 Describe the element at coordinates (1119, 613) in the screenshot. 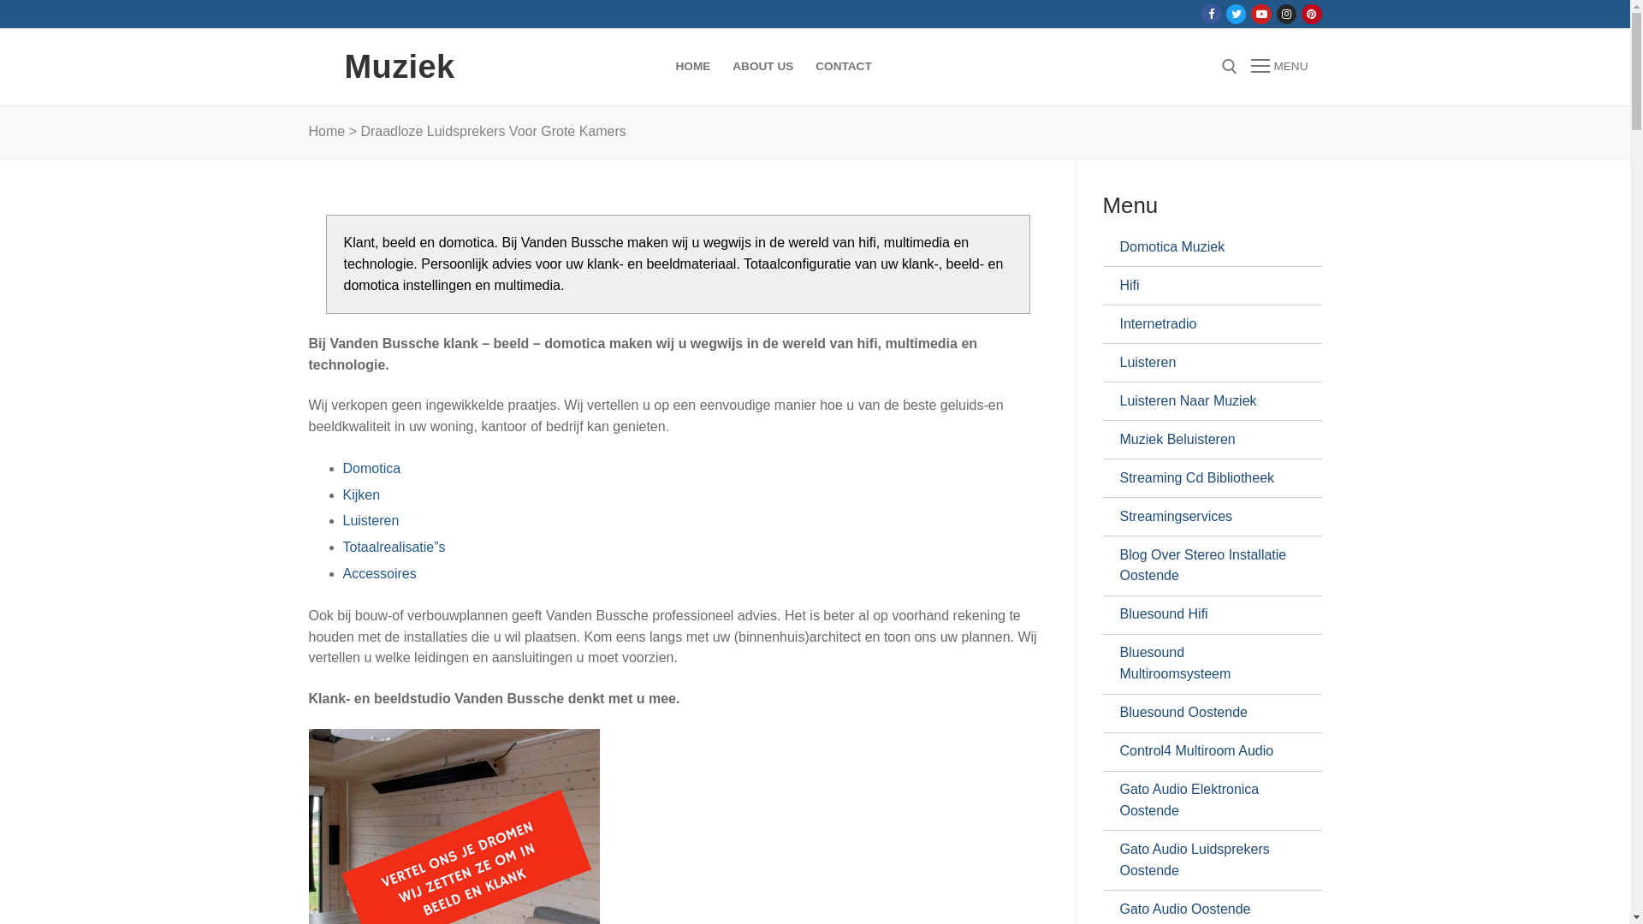

I see `'Bluesound Hifi'` at that location.